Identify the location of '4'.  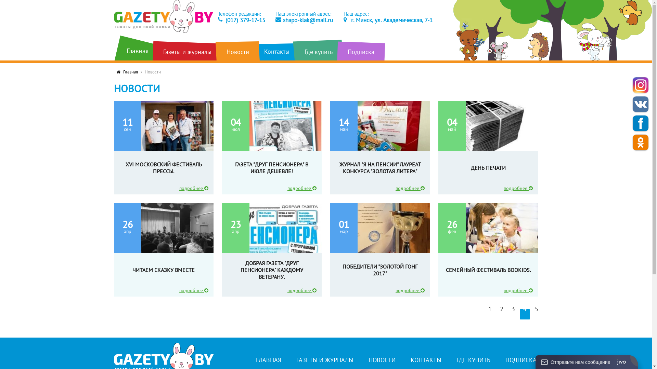
(525, 314).